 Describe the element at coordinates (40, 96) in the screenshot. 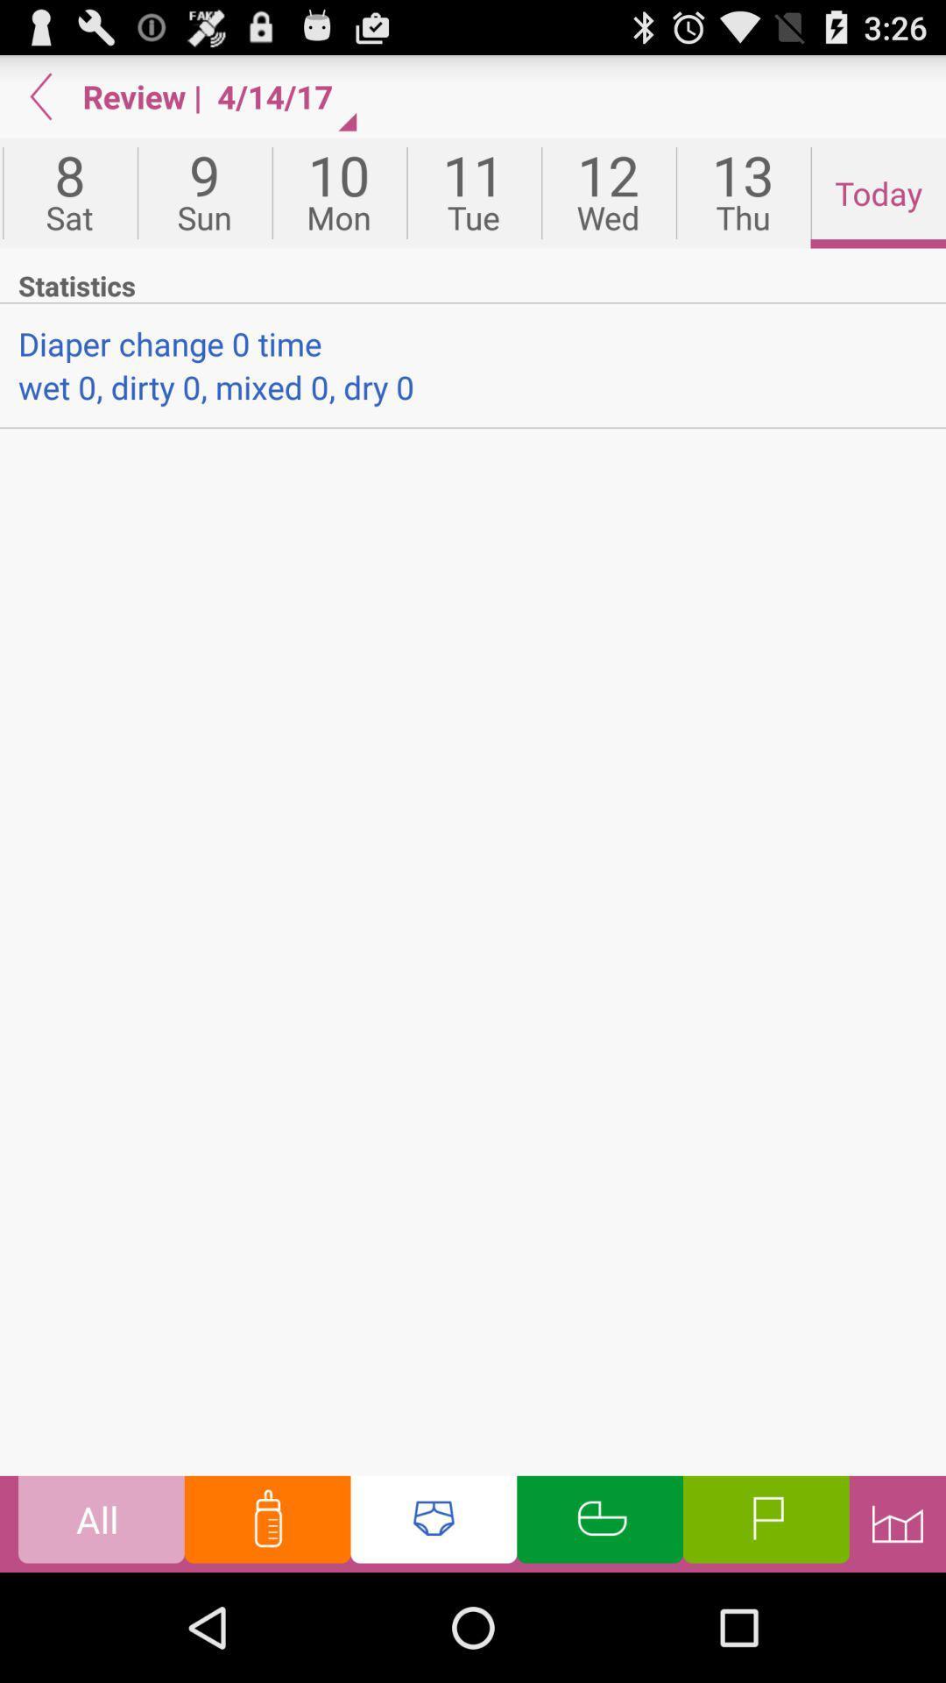

I see `icon next to review app` at that location.